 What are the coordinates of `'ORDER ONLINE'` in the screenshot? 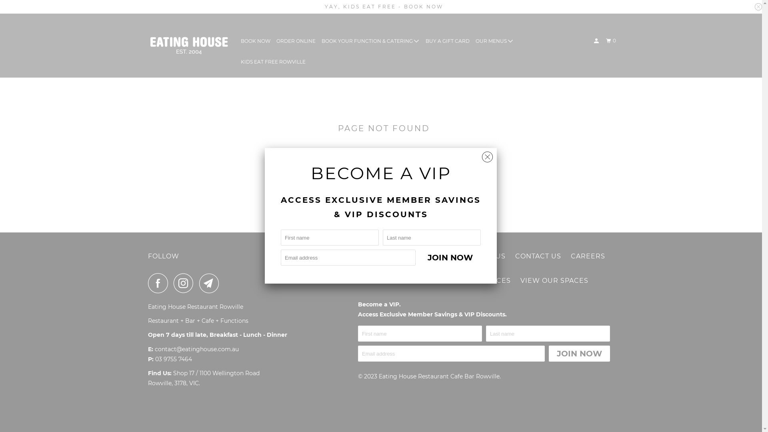 It's located at (295, 41).